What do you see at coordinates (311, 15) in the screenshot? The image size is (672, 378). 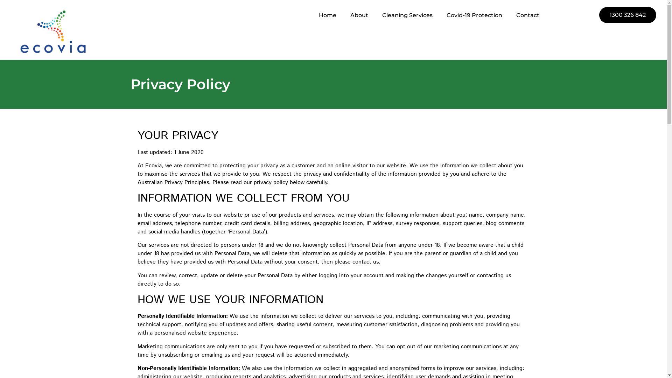 I see `'Home'` at bounding box center [311, 15].